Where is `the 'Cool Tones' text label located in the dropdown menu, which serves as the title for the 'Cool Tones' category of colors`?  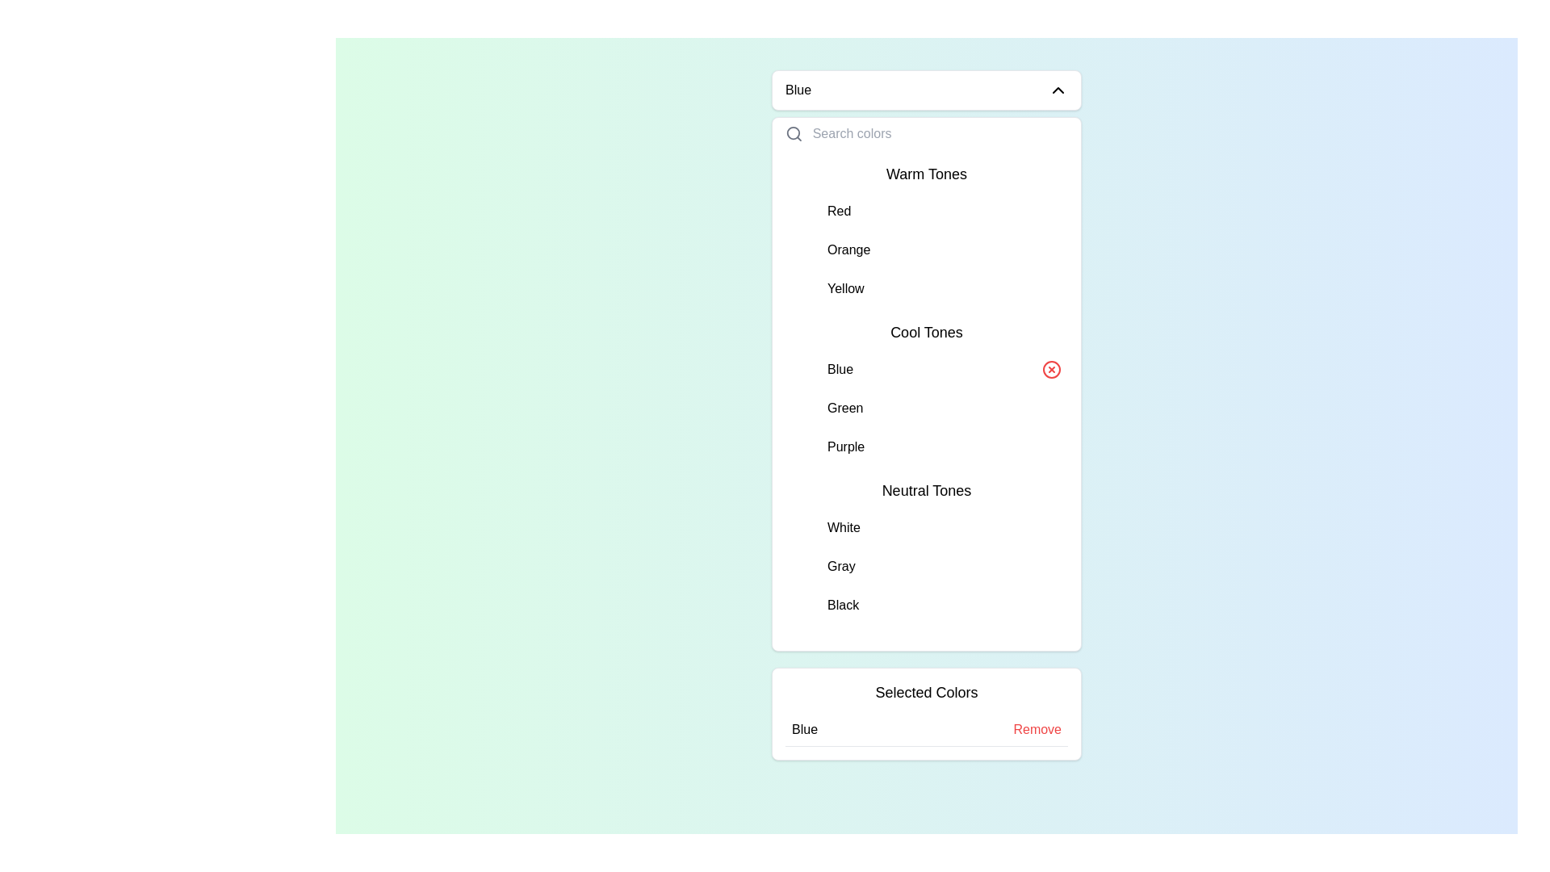
the 'Cool Tones' text label located in the dropdown menu, which serves as the title for the 'Cool Tones' category of colors is located at coordinates (926, 332).